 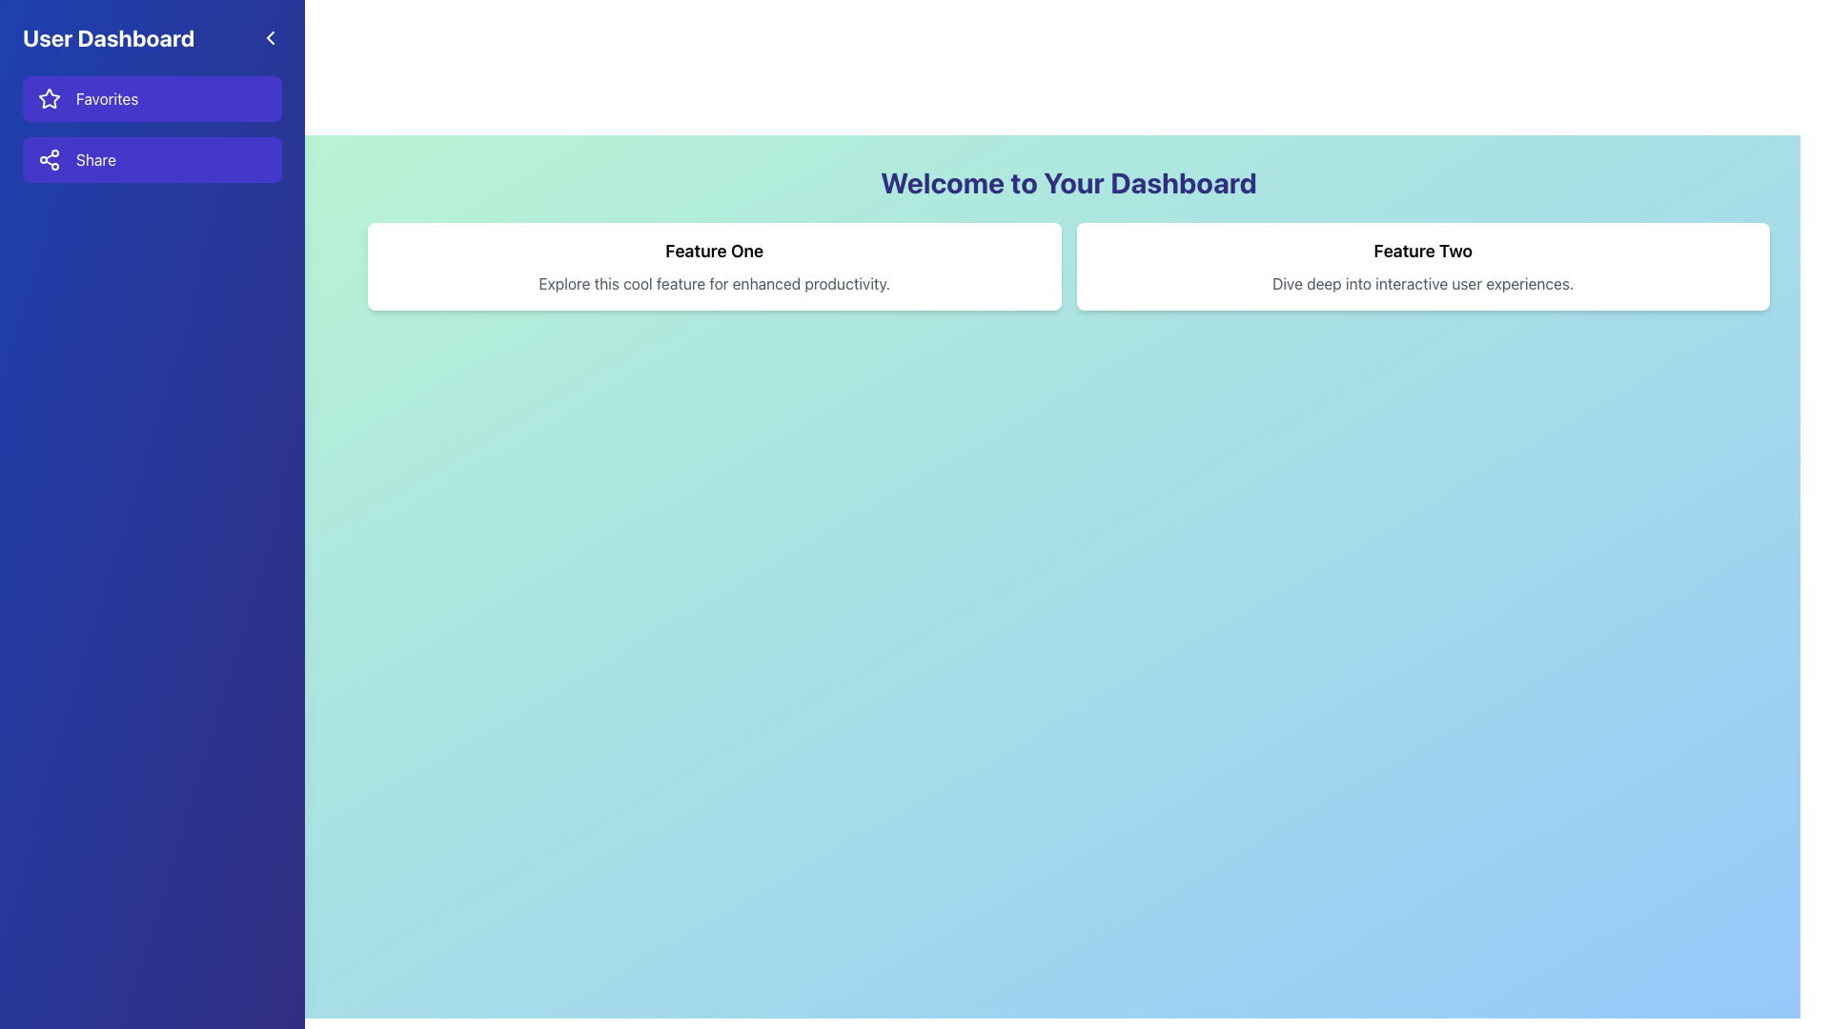 I want to click on the Static Text element that serves as a title or heading for the user navigation section, located at the top-left section of the sidebar layout, so click(x=108, y=37).